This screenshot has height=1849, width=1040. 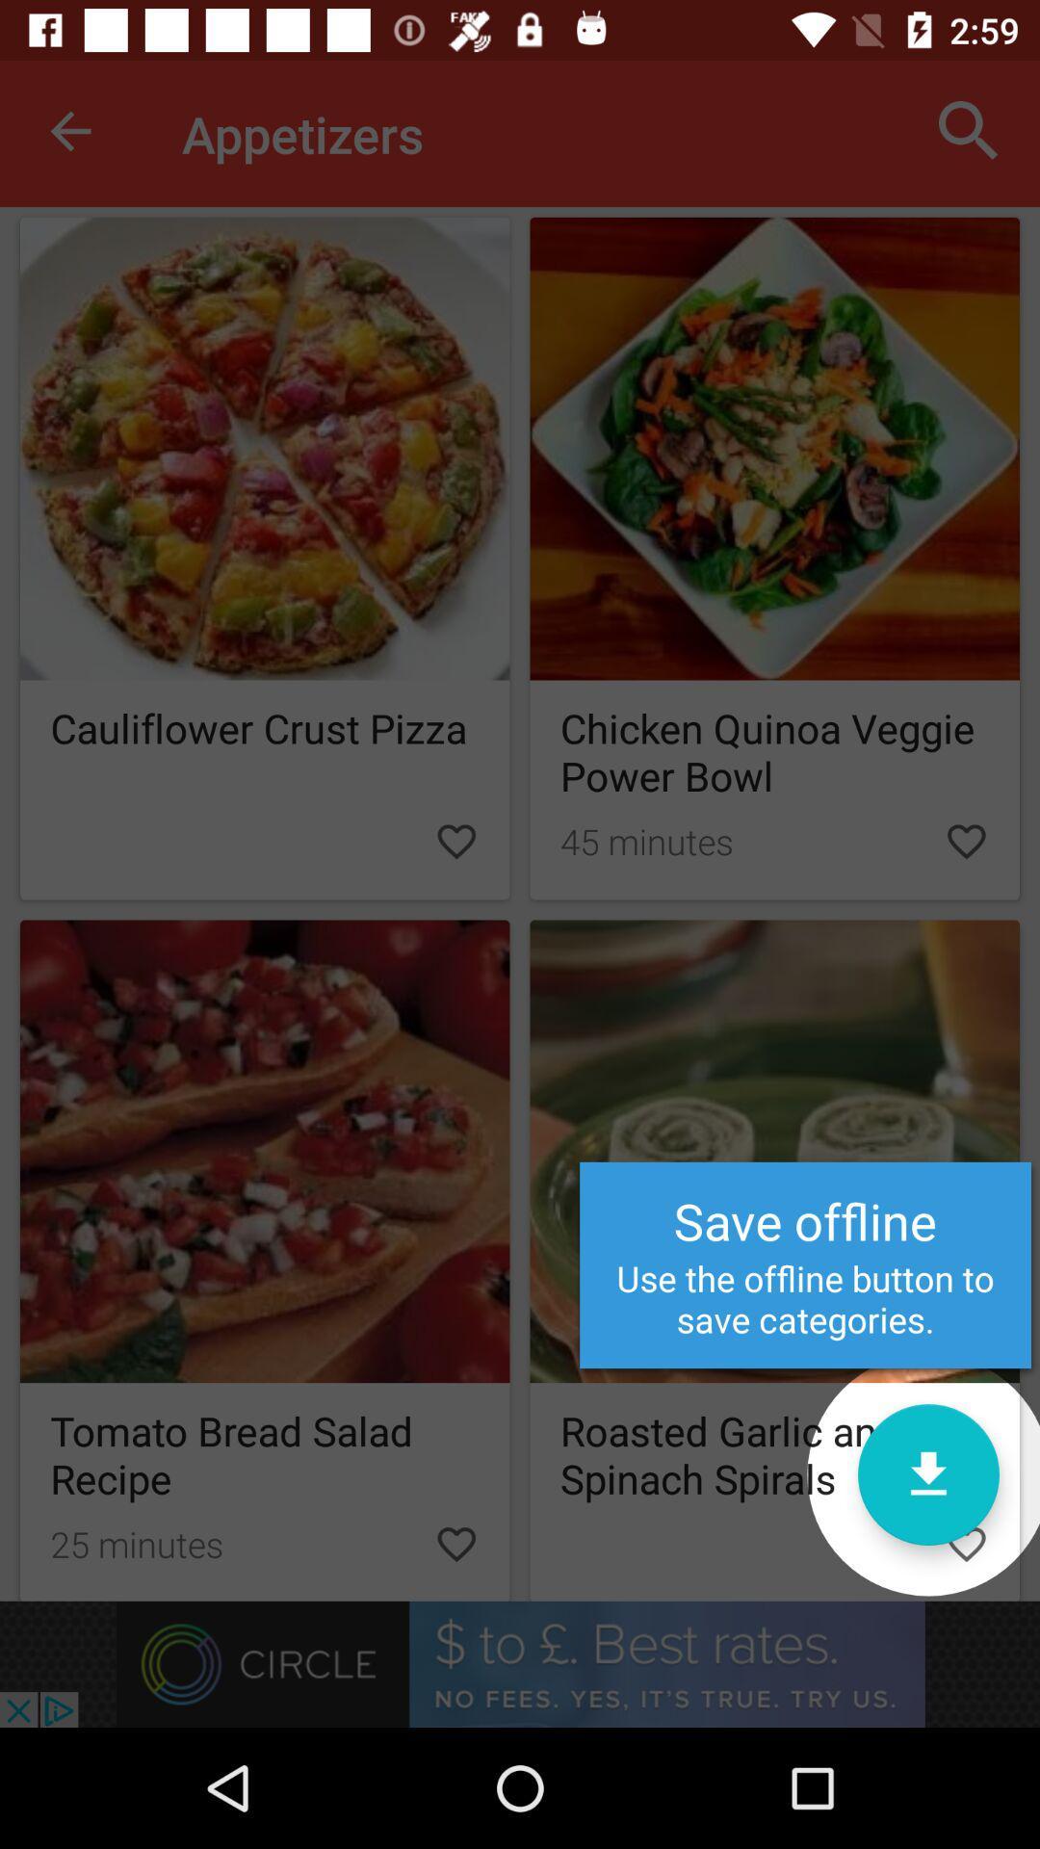 What do you see at coordinates (927, 1473) in the screenshot?
I see `save button` at bounding box center [927, 1473].